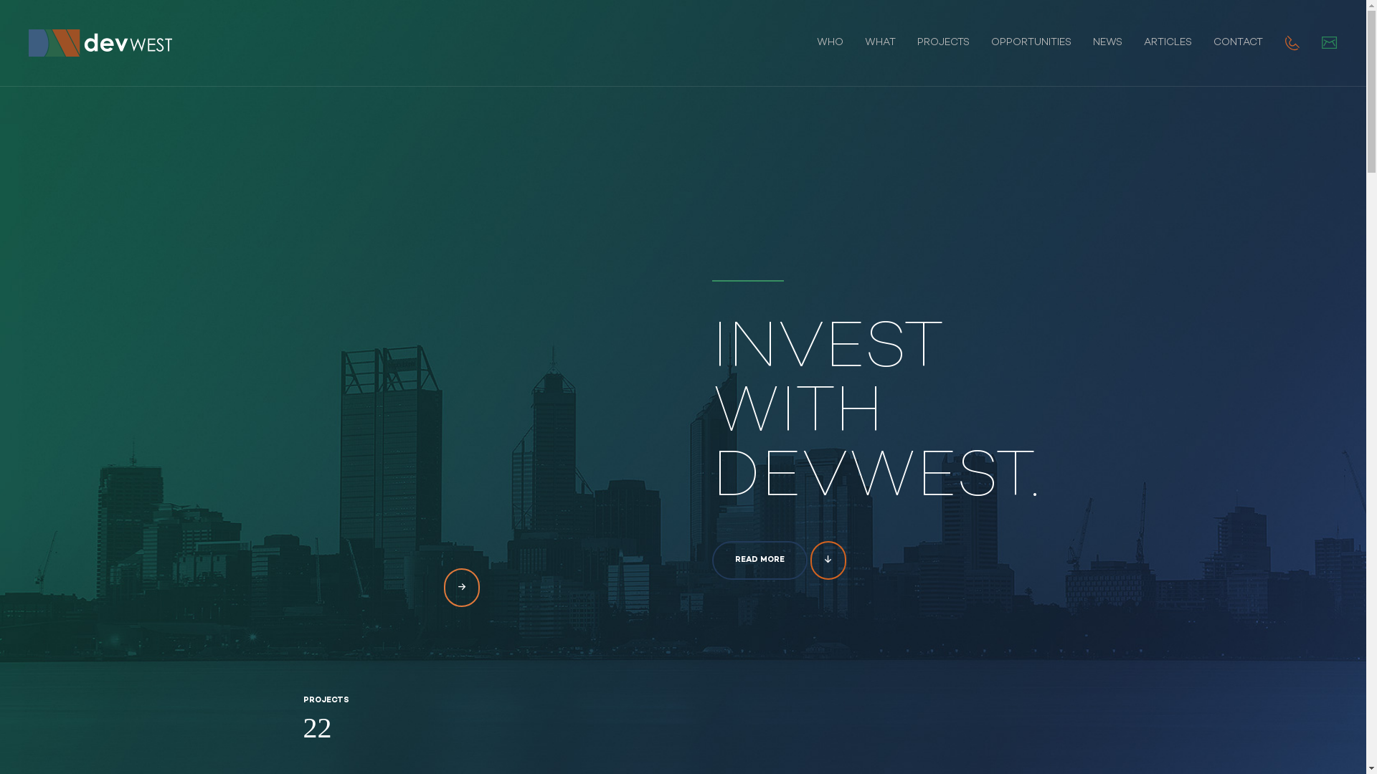 The height and width of the screenshot is (774, 1377). Describe the element at coordinates (943, 42) in the screenshot. I see `'PROJECTS'` at that location.